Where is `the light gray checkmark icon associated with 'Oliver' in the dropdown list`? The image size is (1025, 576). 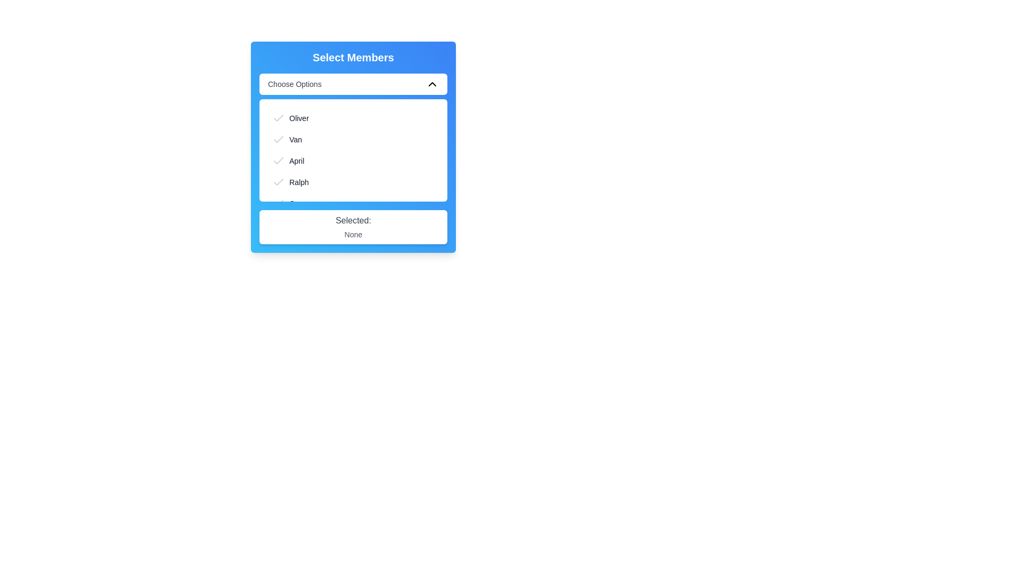 the light gray checkmark icon associated with 'Oliver' in the dropdown list is located at coordinates (279, 118).